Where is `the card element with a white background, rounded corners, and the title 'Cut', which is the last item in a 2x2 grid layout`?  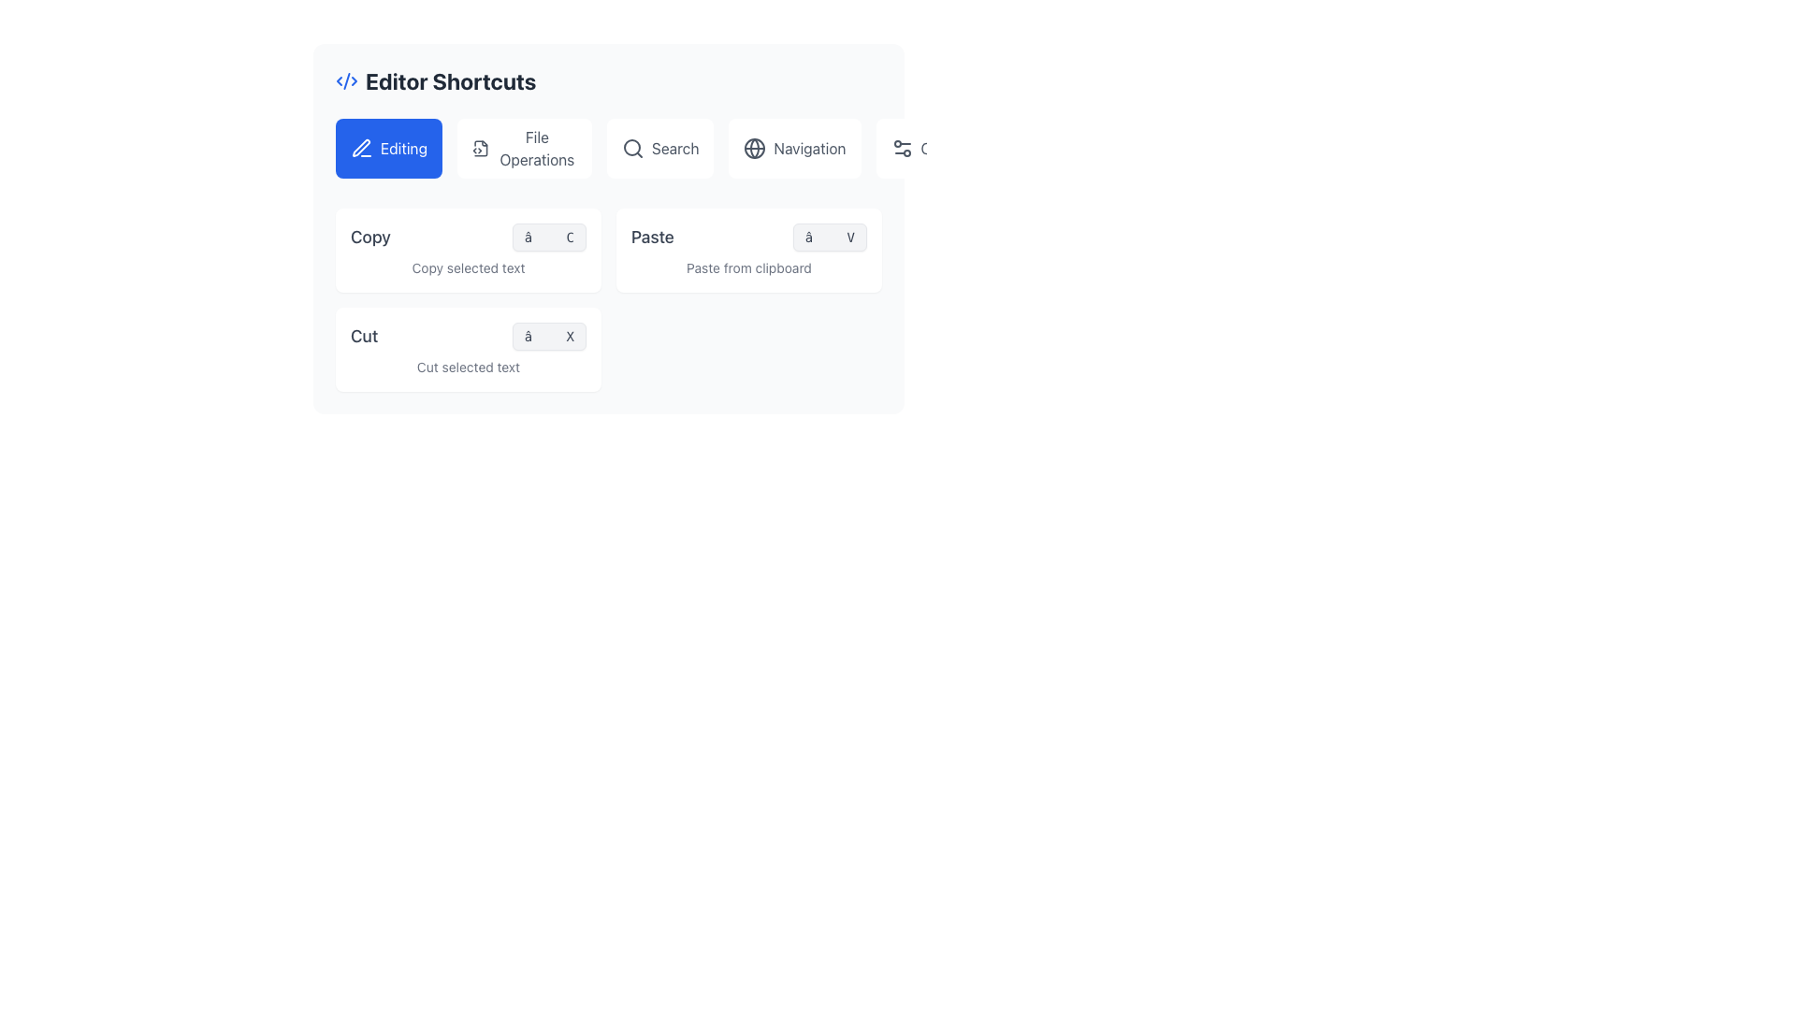 the card element with a white background, rounded corners, and the title 'Cut', which is the last item in a 2x2 grid layout is located at coordinates (468, 350).